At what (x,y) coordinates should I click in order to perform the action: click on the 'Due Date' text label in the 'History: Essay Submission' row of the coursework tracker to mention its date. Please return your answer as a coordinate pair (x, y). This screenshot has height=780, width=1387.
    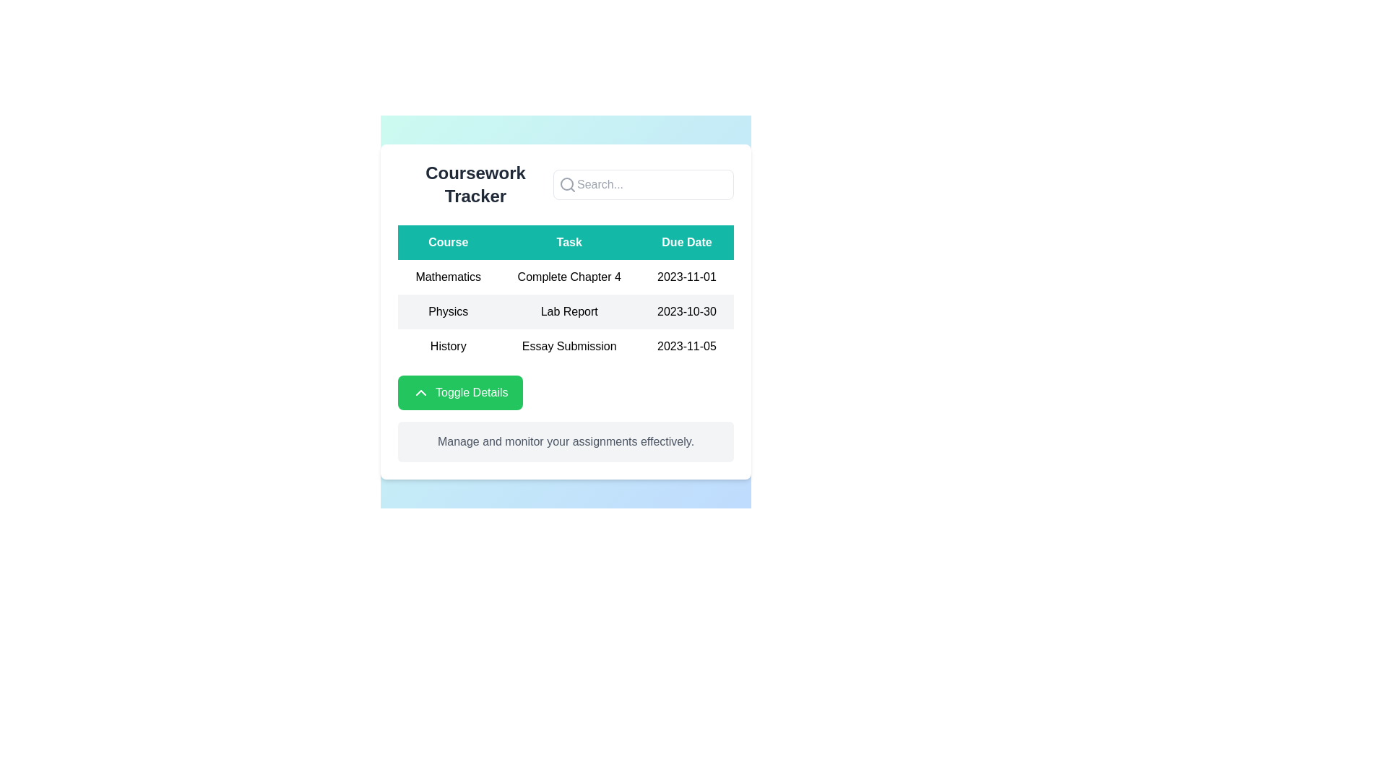
    Looking at the image, I should click on (686, 346).